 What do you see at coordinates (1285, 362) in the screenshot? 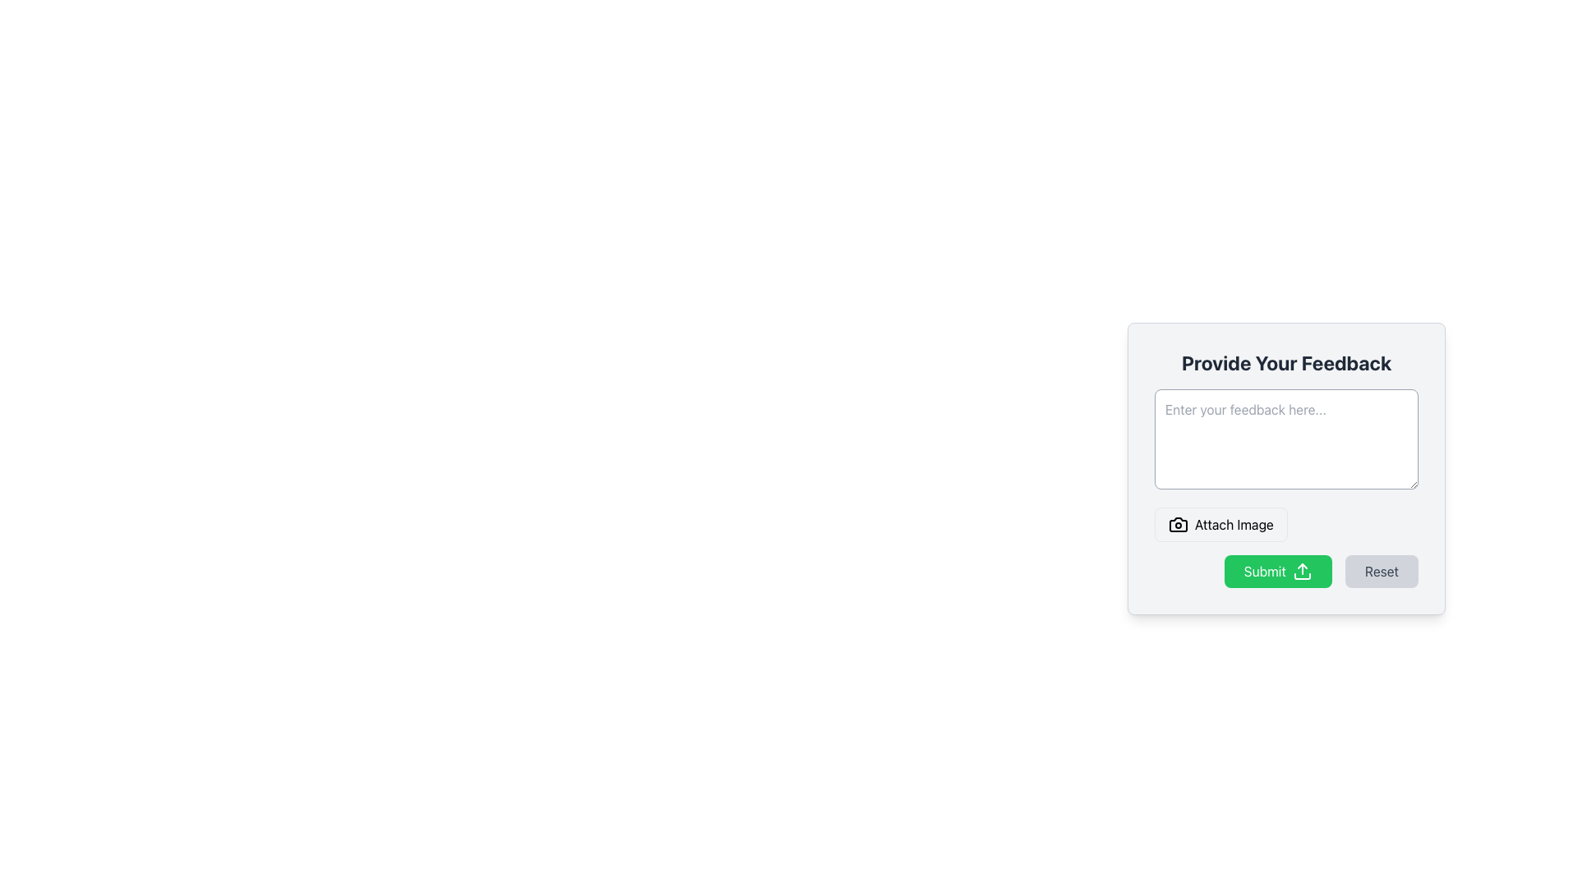
I see `the text label that reads 'Provide Your Feedback', which is prominently displayed at the top of the feedback form interface` at bounding box center [1285, 362].